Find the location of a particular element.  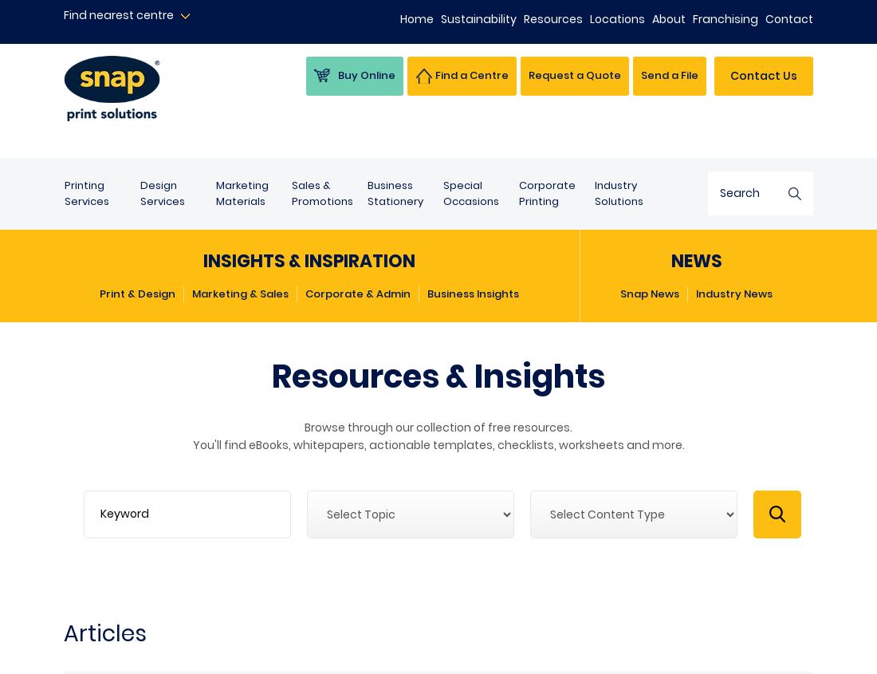

'Corporate Printing' is located at coordinates (547, 192).